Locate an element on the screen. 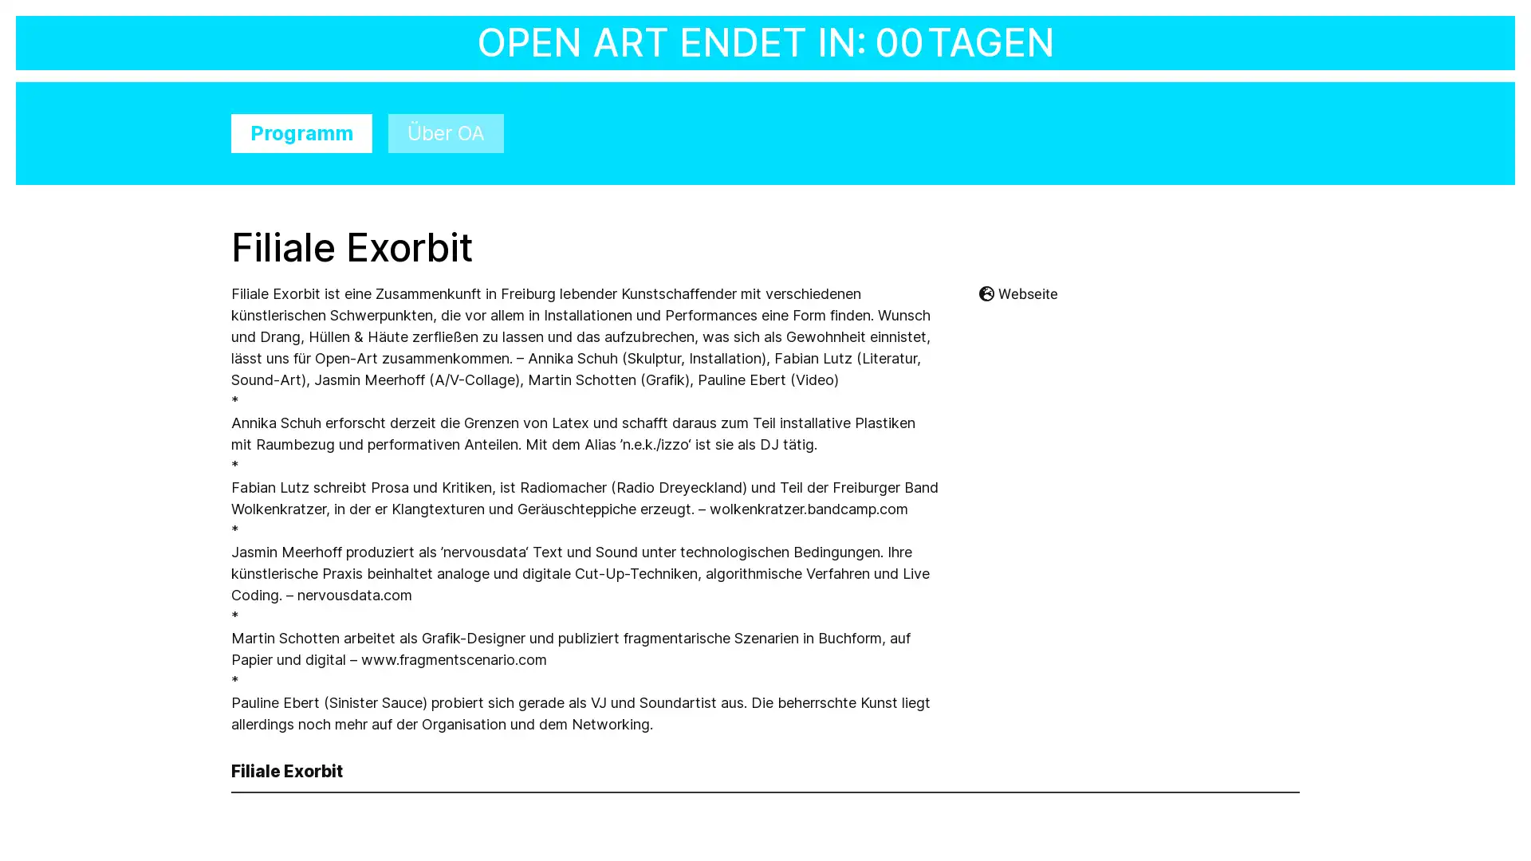  Uber OA is located at coordinates (446, 132).